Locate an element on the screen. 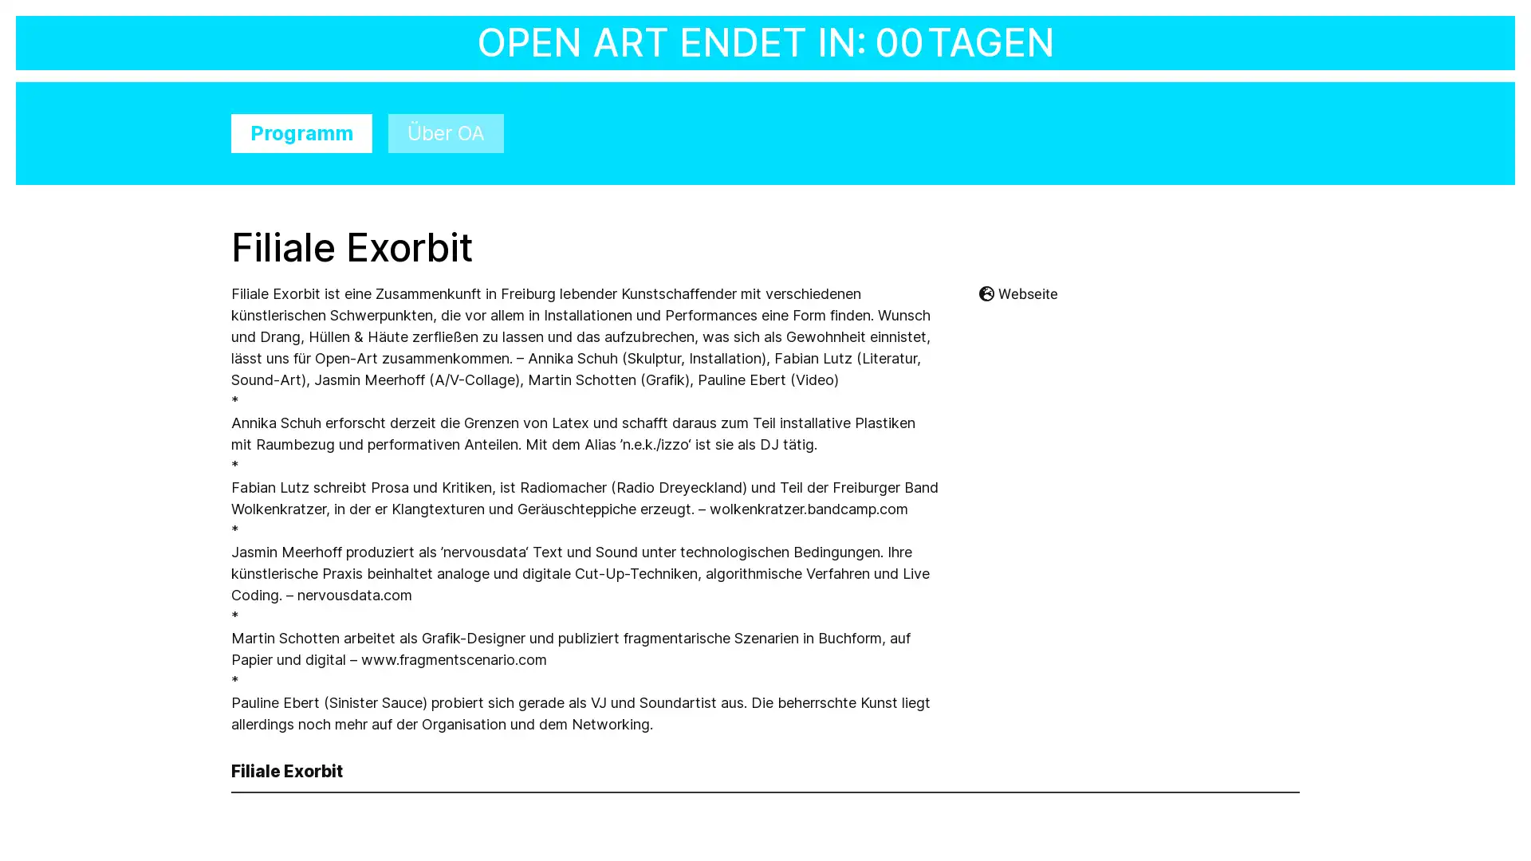  Uber OA is located at coordinates (446, 132).